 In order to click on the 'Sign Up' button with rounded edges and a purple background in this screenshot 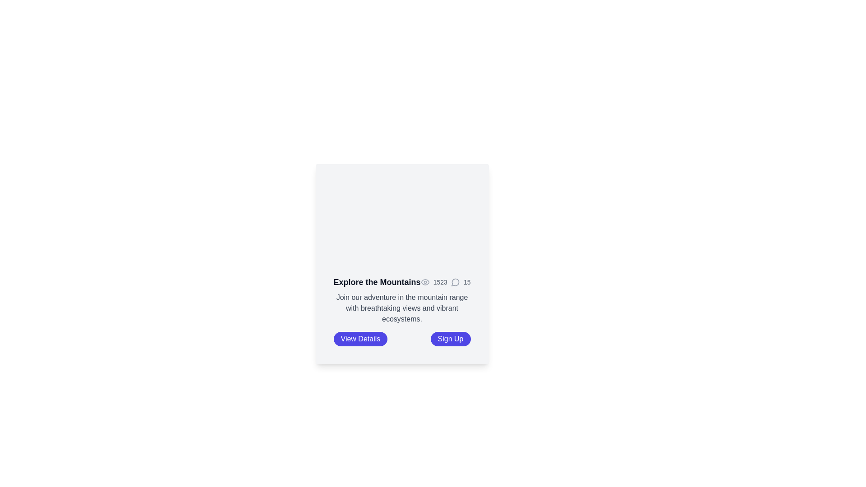, I will do `click(450, 339)`.